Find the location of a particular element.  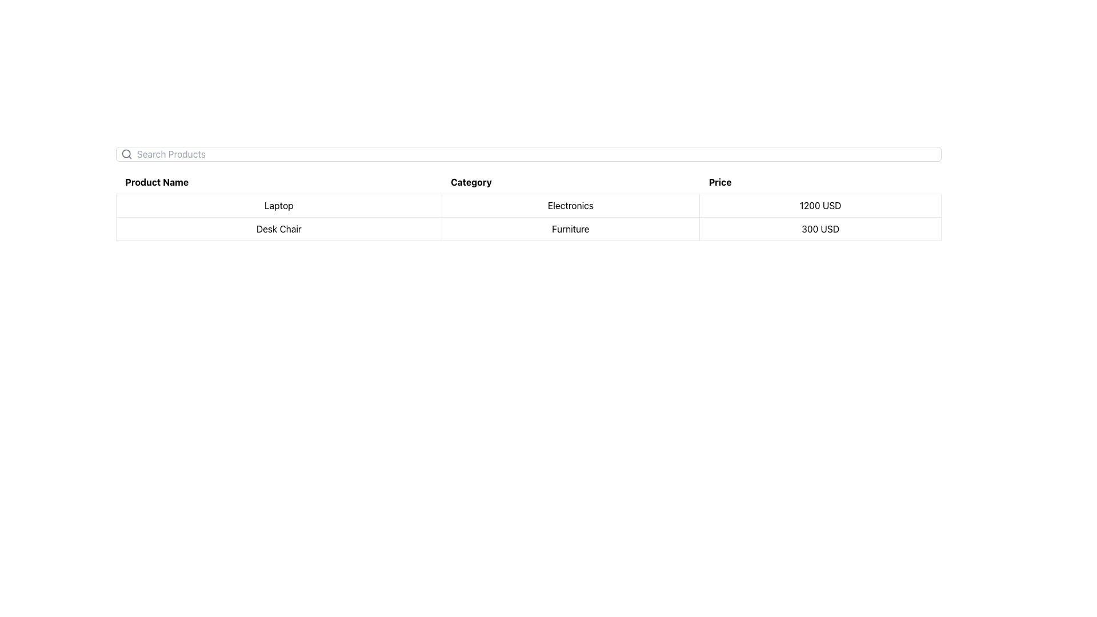

the SVG Circle element, which is centrally positioned within a search lens icon in the upper-left part of the interface is located at coordinates (126, 153).